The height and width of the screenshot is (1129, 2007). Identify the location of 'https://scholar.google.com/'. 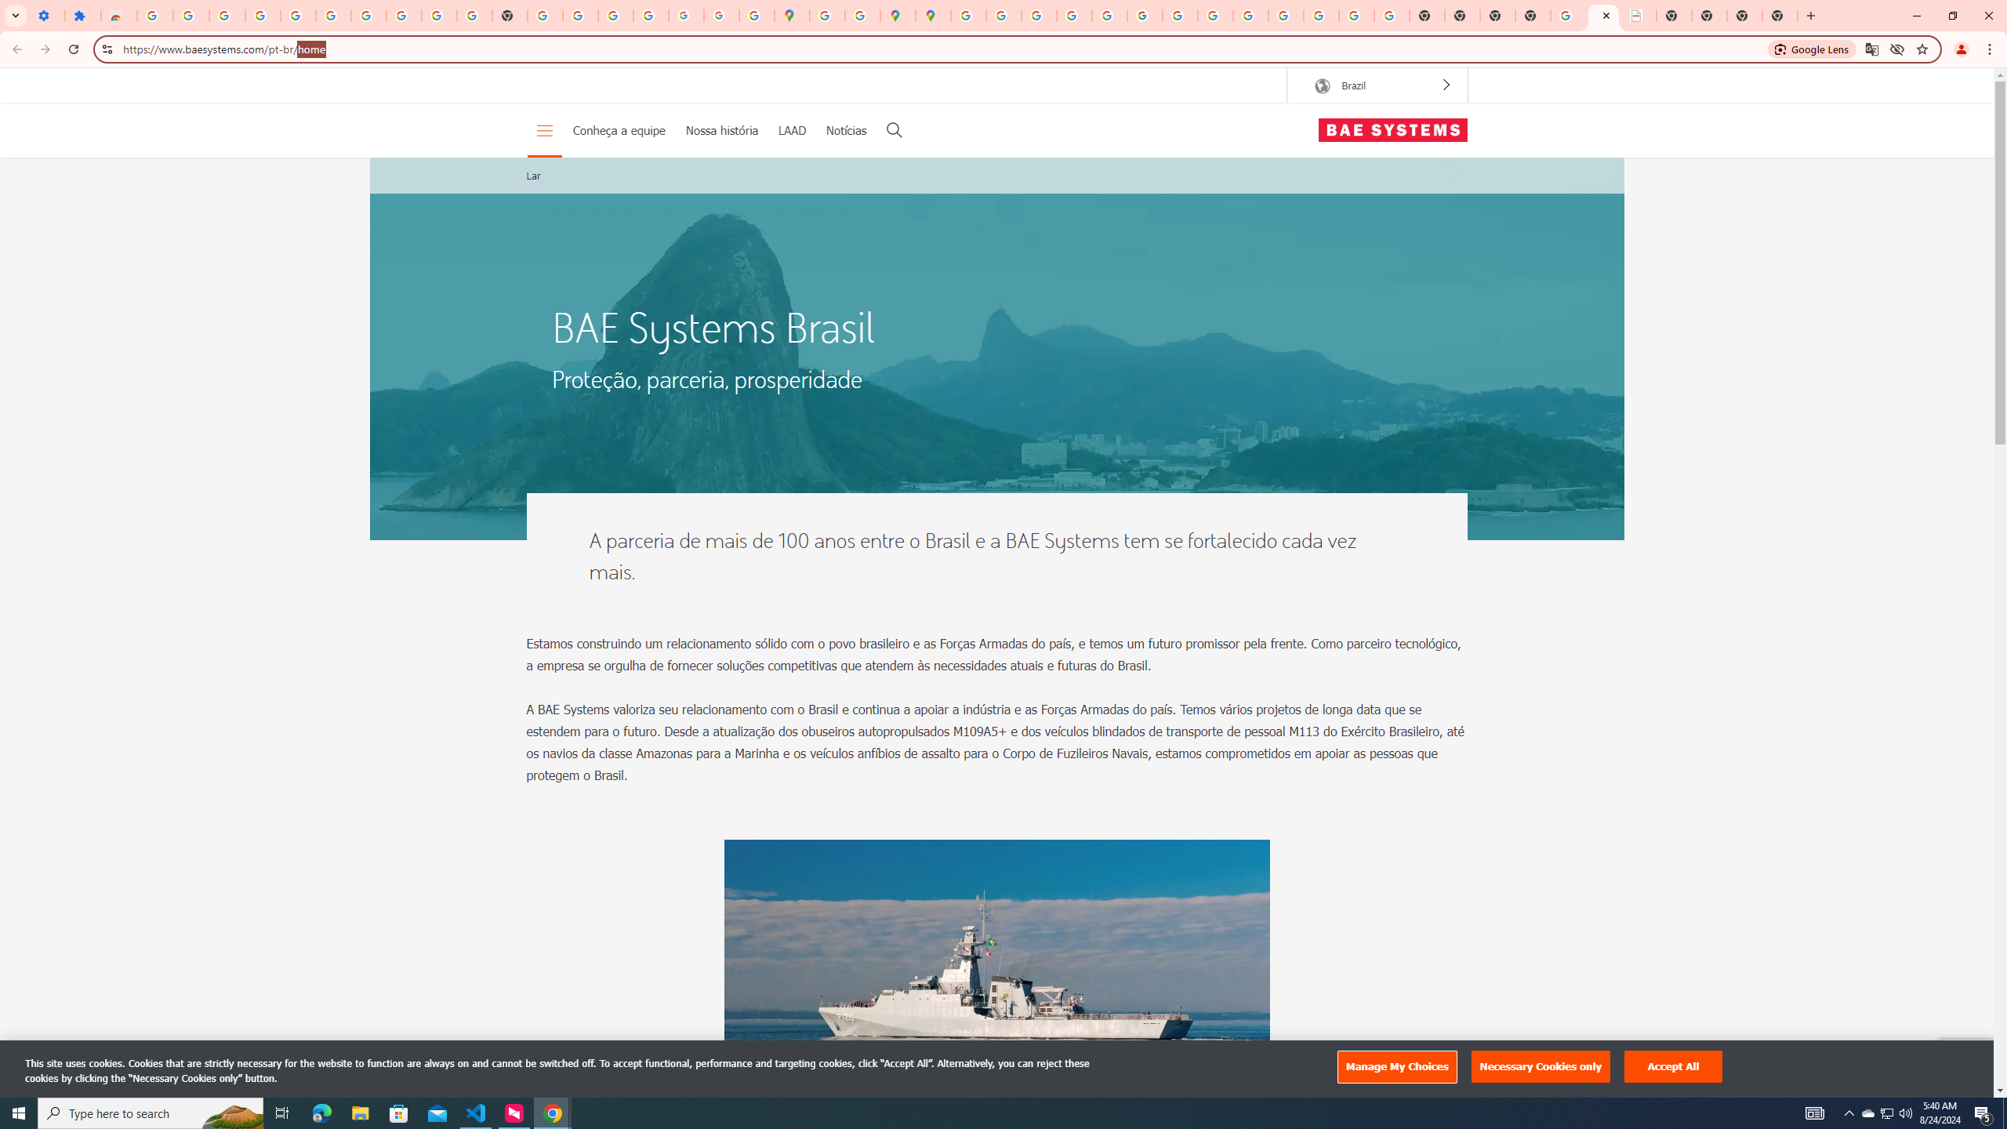
(544, 15).